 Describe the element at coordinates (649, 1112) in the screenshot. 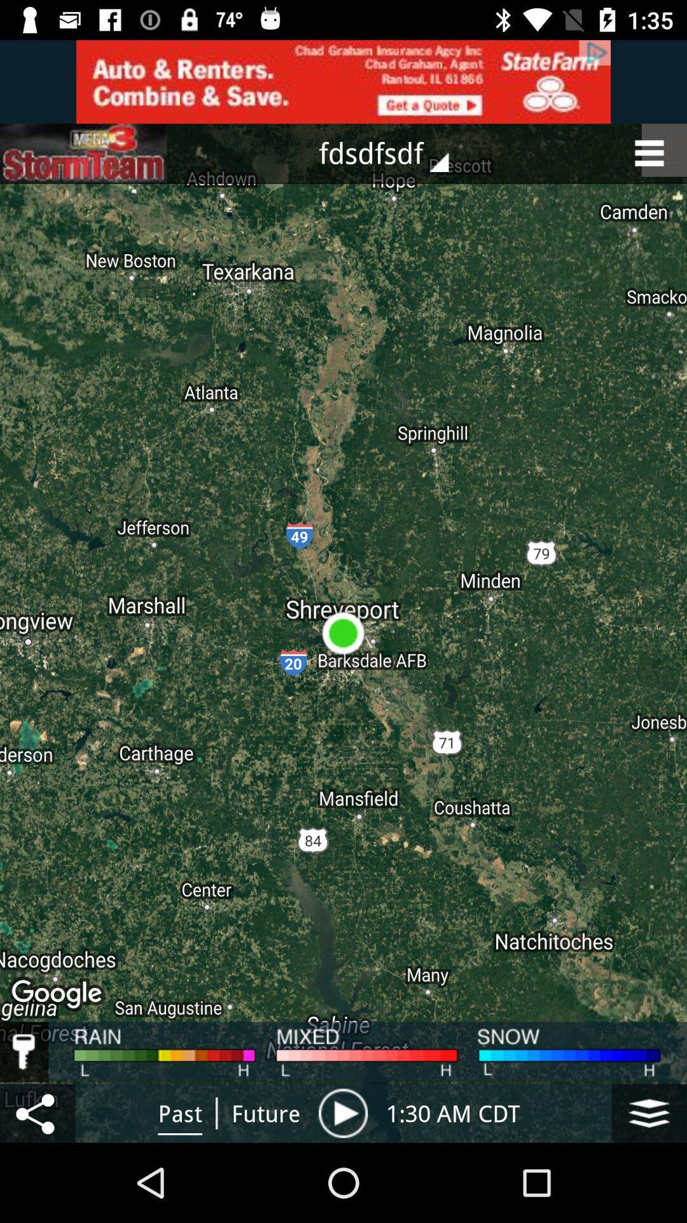

I see `the layers icon` at that location.